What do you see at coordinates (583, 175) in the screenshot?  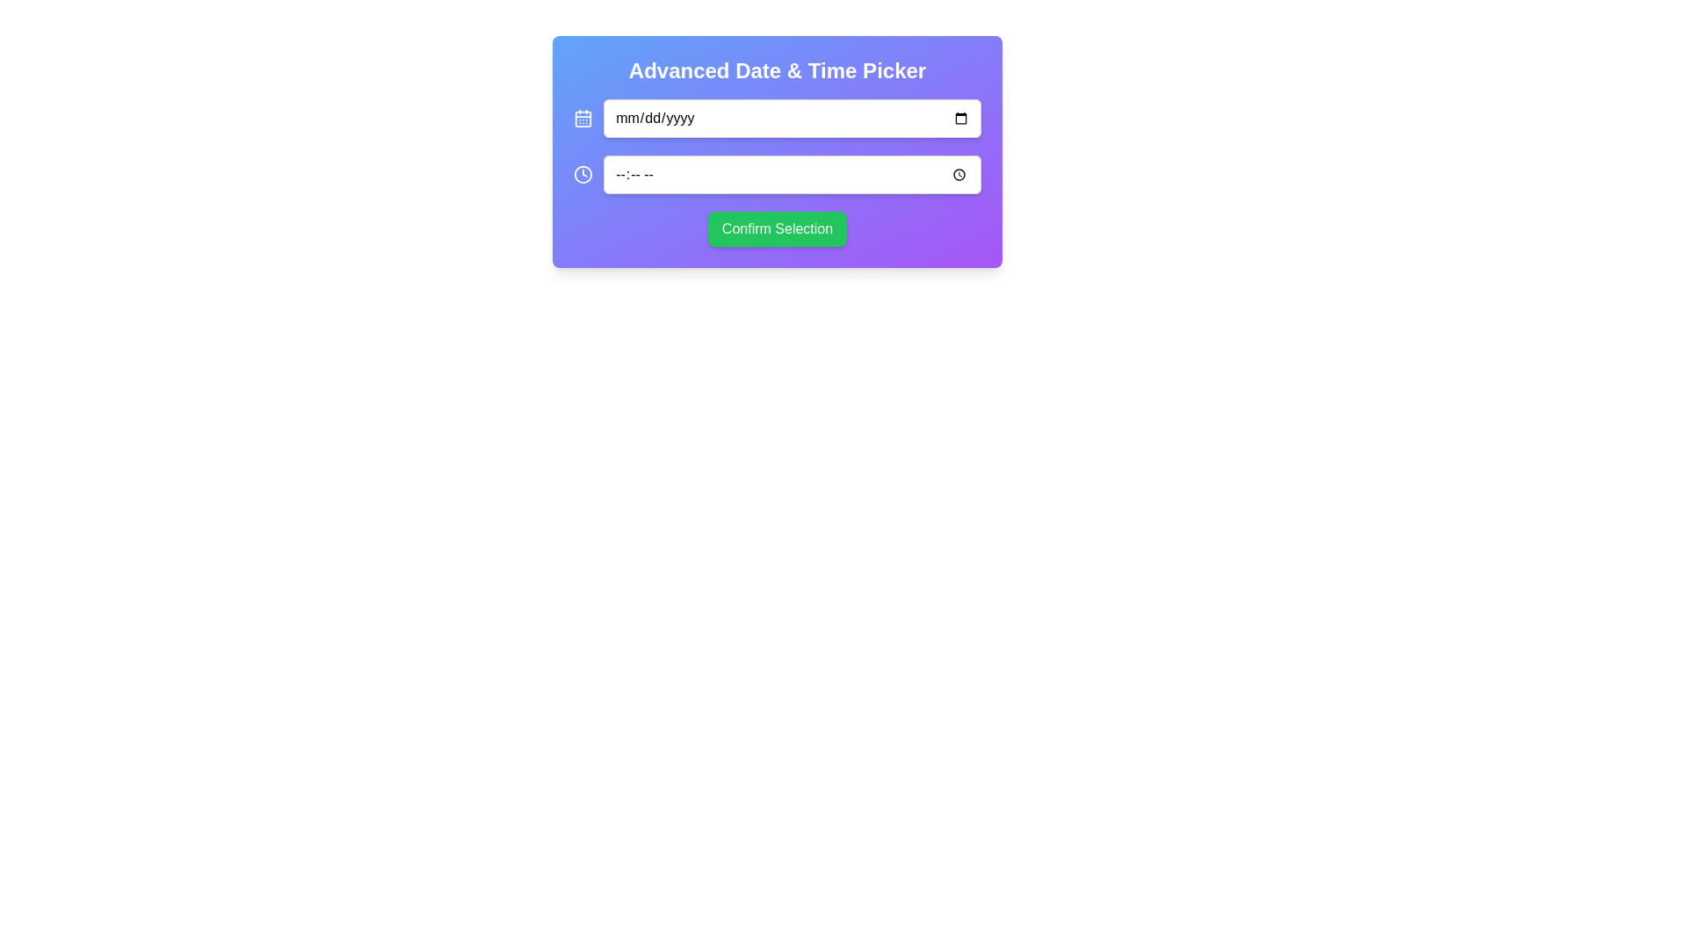 I see `the outermost SVG Circle of the clock icon, located to the left of the time input field` at bounding box center [583, 175].